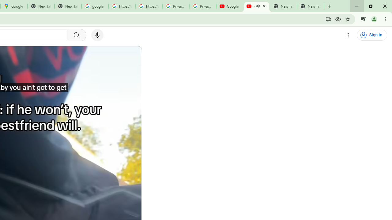 This screenshot has height=220, width=392. What do you see at coordinates (357, 6) in the screenshot?
I see `'Minimize'` at bounding box center [357, 6].